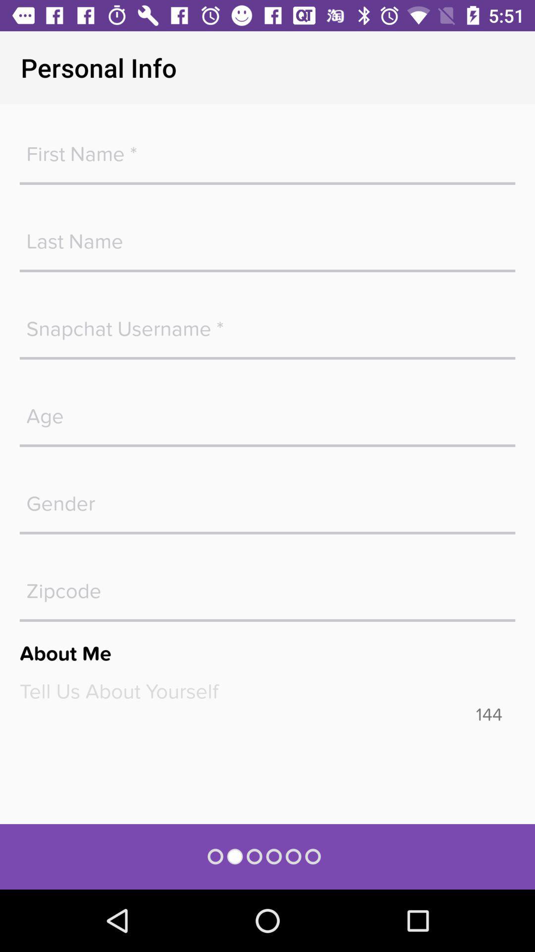 This screenshot has width=535, height=952. Describe the element at coordinates (267, 236) in the screenshot. I see `text` at that location.